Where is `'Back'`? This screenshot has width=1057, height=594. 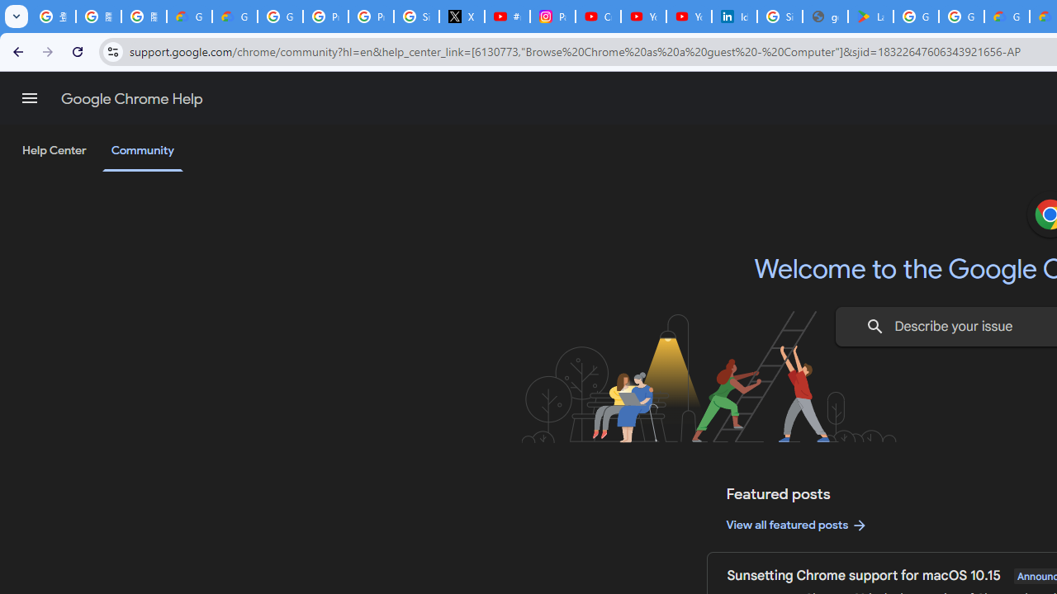
'Back' is located at coordinates (16, 50).